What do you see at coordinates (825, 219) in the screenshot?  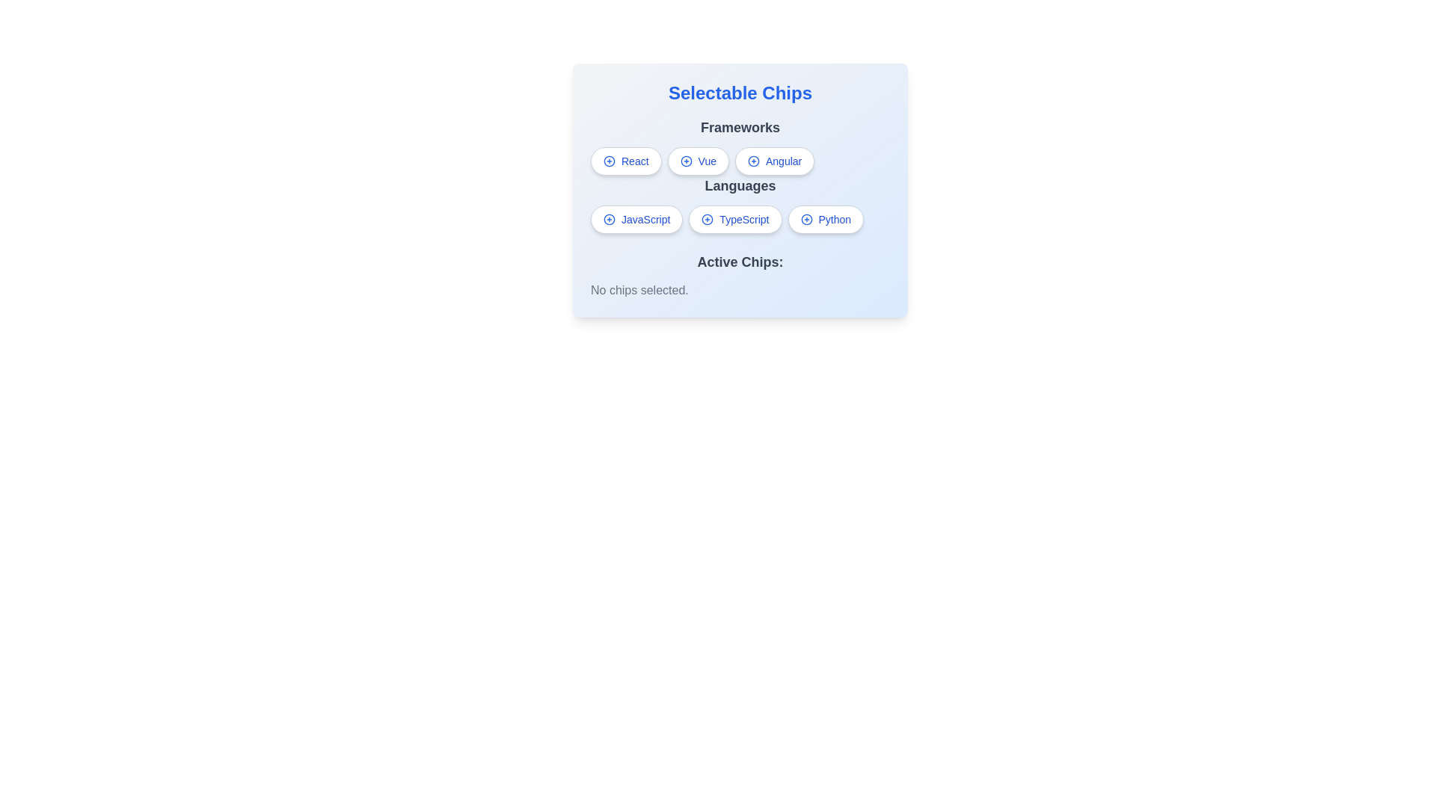 I see `the third button labeled 'Python' with a blue plus icon in the 'Languages' section` at bounding box center [825, 219].